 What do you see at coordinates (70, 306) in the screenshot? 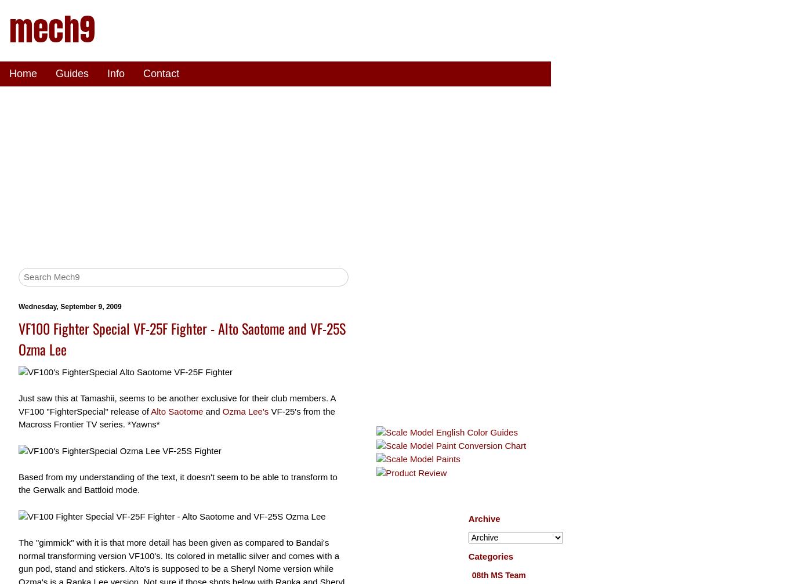
I see `'Wednesday, September 9, 2009'` at bounding box center [70, 306].